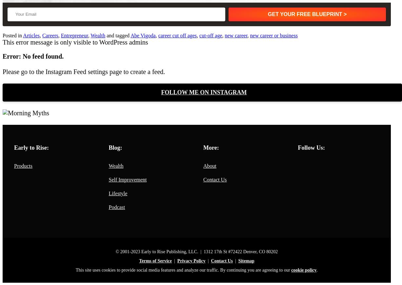  I want to click on '.', so click(316, 270).